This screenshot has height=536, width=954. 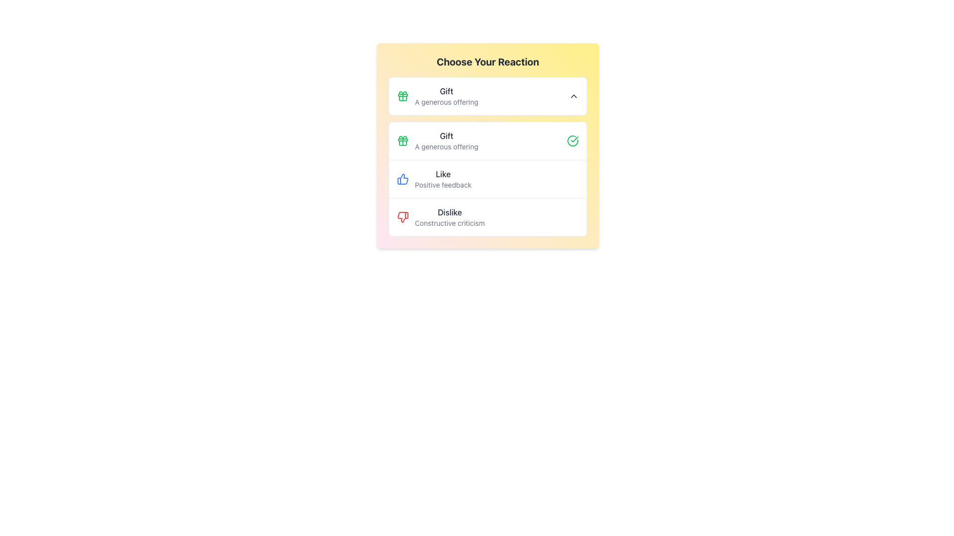 I want to click on the green gift box icon located at the leftmost position in the reaction selection box, which is accompanied by the text 'Gift' and 'A generous offering', so click(x=403, y=96).